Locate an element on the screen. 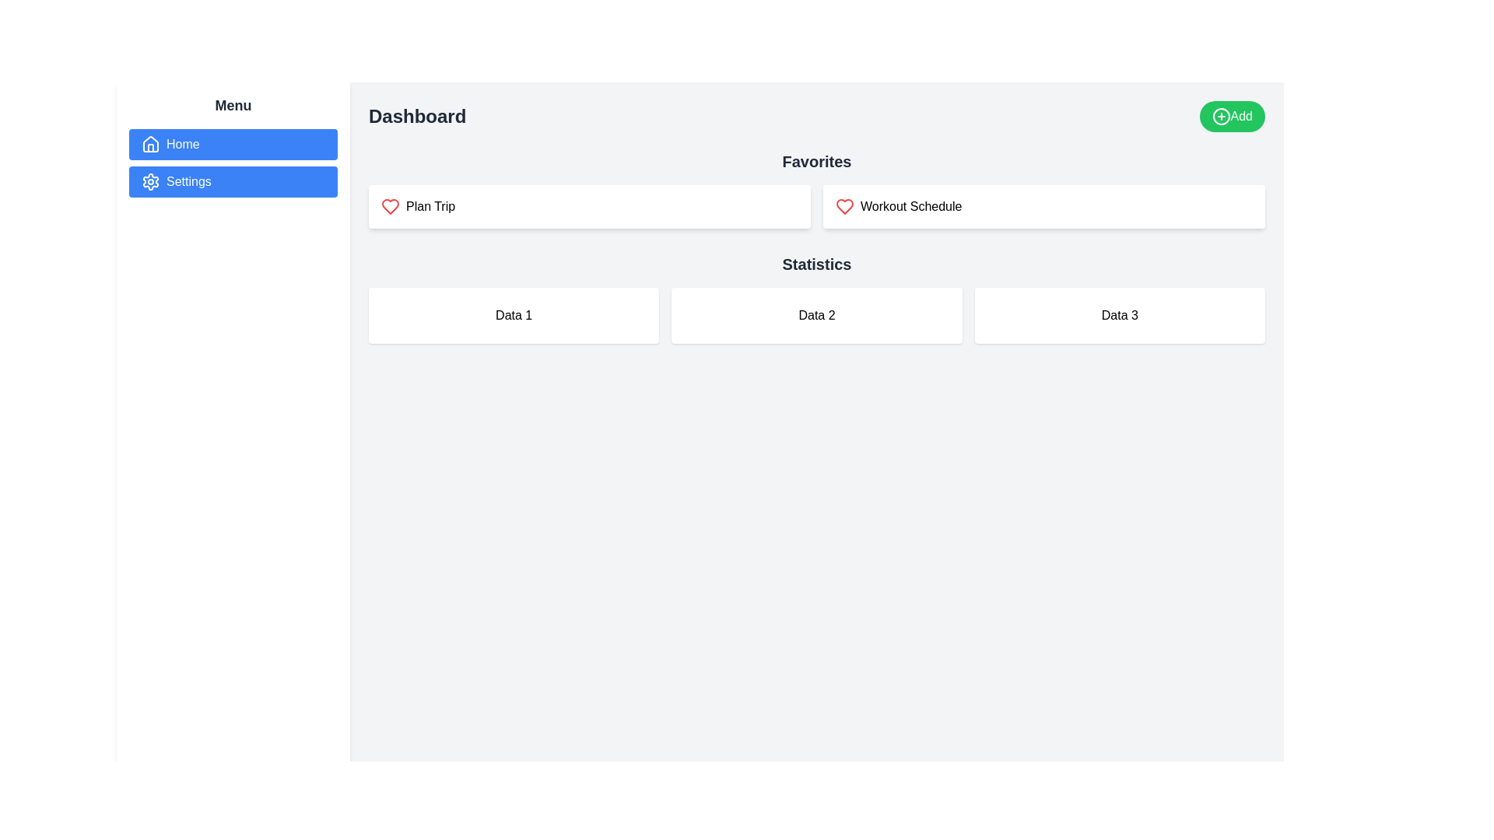  the Display card with centered text 'Data 2', which is the second card in the group under the 'Statistics' section is located at coordinates (816, 315).